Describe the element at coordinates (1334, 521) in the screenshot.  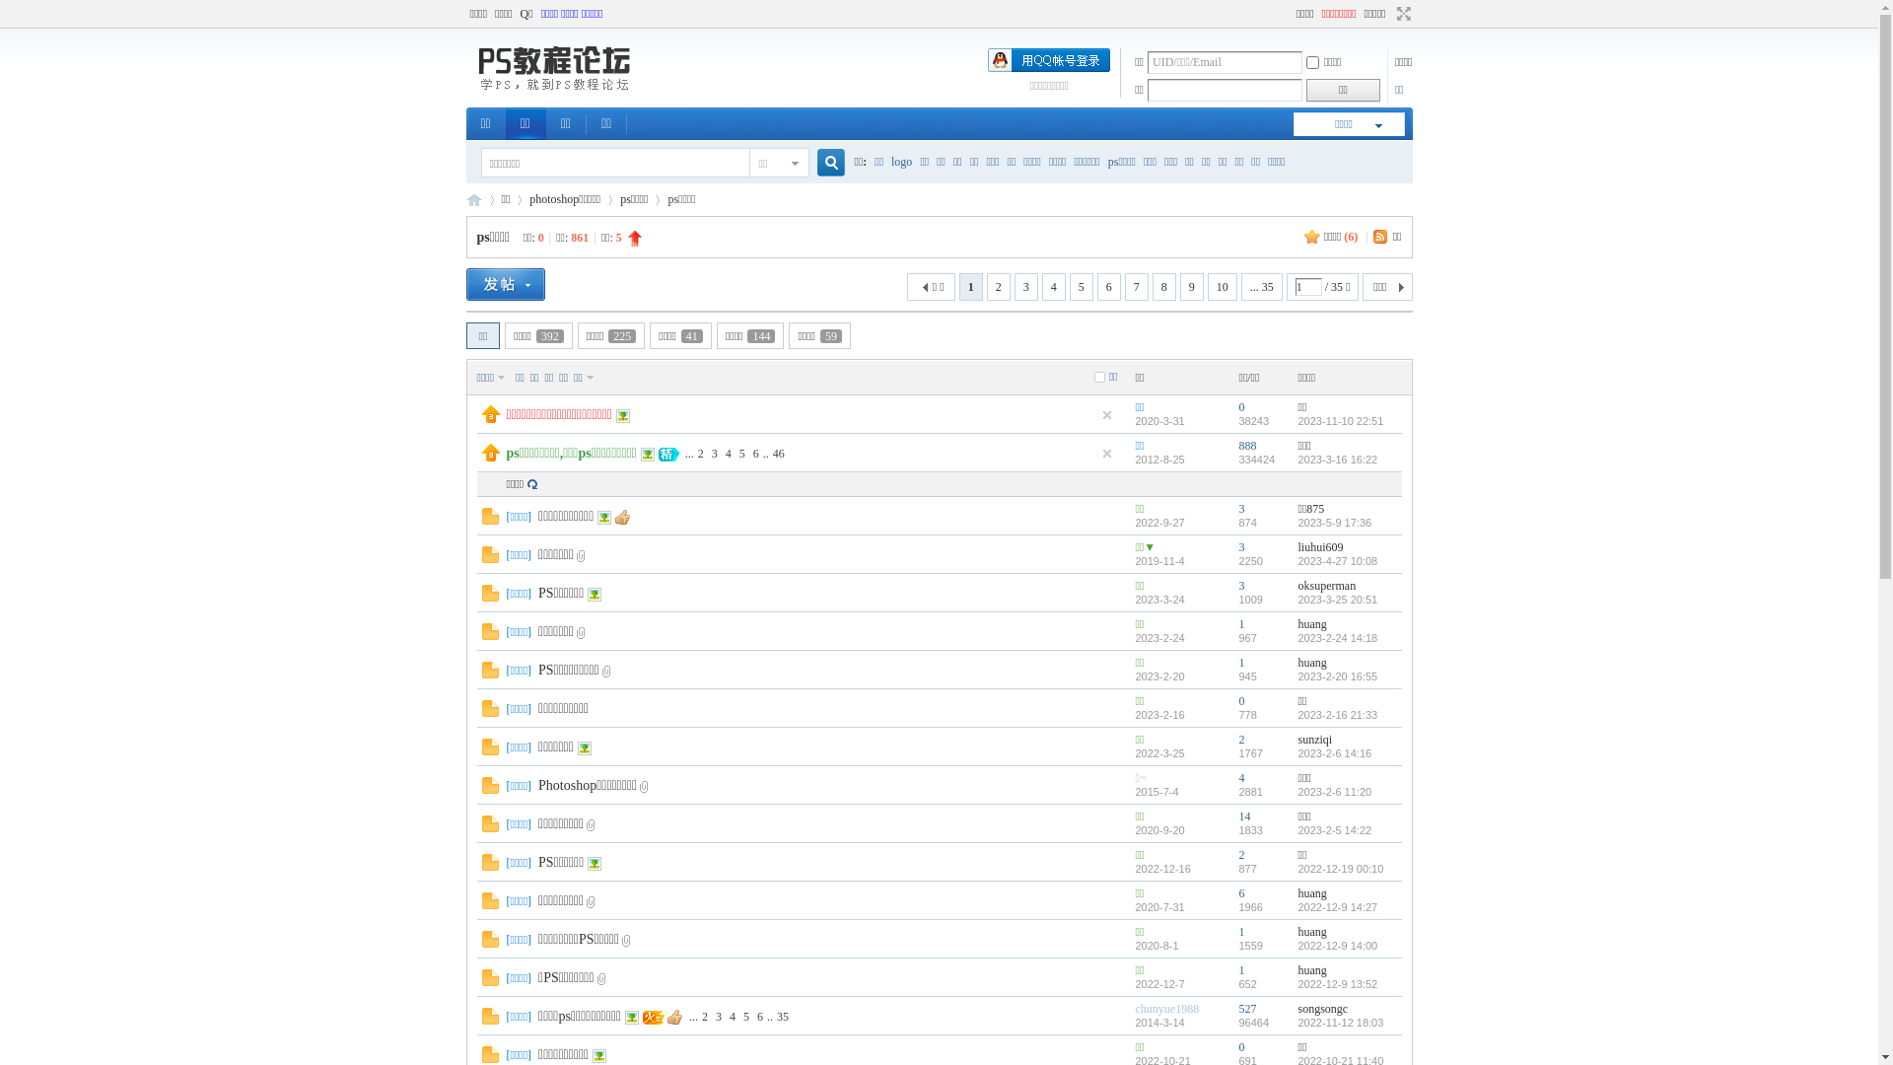
I see `'2023-5-9 17:36'` at that location.